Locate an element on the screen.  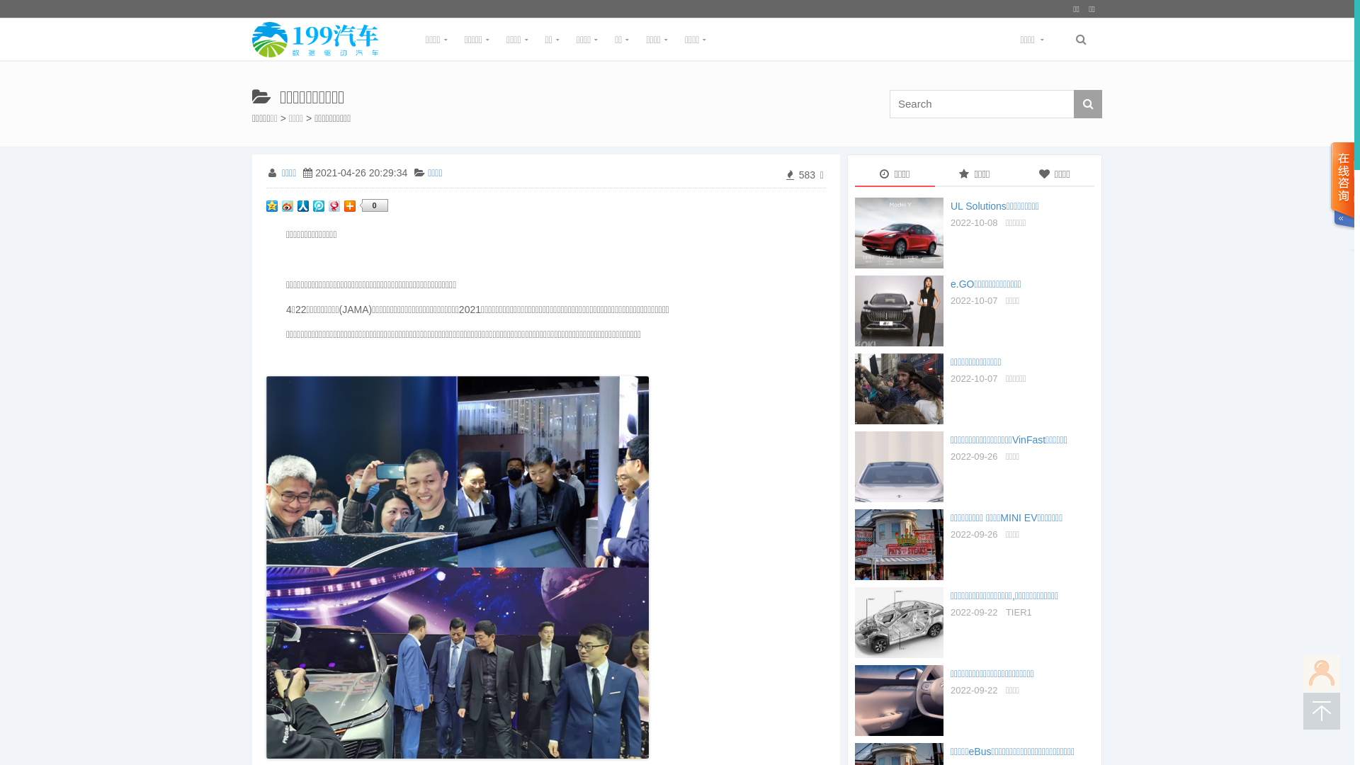
'TIER1' is located at coordinates (1018, 611).